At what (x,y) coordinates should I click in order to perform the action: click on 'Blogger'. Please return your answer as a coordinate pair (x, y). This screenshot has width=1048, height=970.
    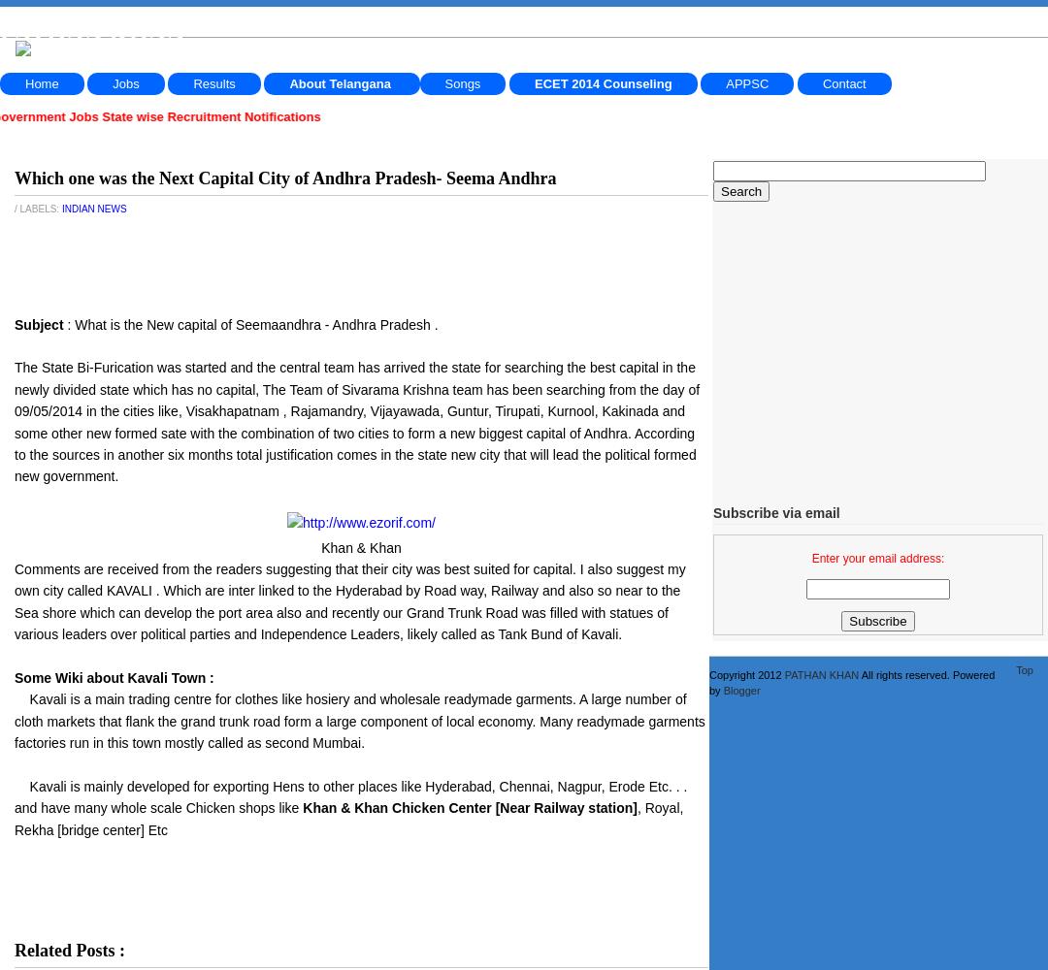
    Looking at the image, I should click on (740, 690).